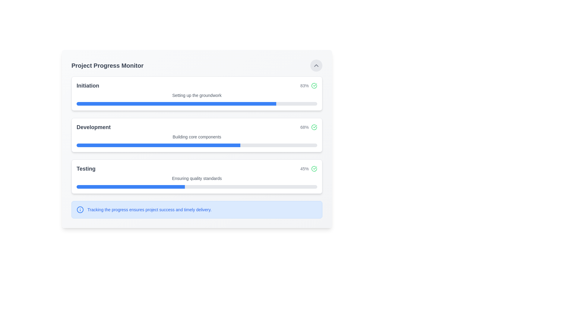 The height and width of the screenshot is (325, 579). I want to click on the text display showing '83%' located next to the green checkmark icon in the top-right corner of the first progress bar section, so click(304, 86).